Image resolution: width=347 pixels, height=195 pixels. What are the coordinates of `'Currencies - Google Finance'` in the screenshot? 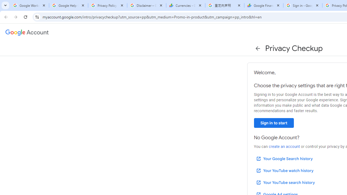 It's located at (185, 5).